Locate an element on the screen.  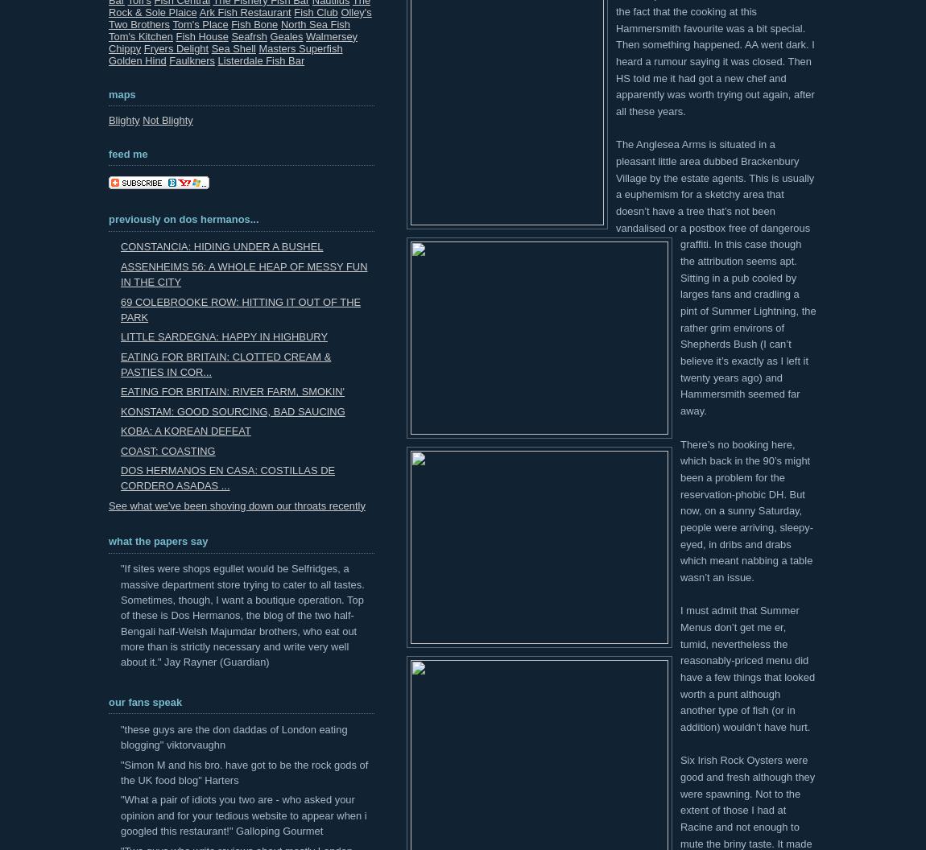
'Fish Club' is located at coordinates (316, 11).